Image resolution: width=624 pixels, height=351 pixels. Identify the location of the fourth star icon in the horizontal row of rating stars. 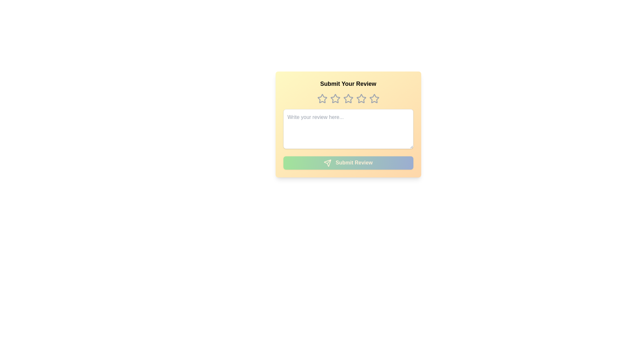
(361, 98).